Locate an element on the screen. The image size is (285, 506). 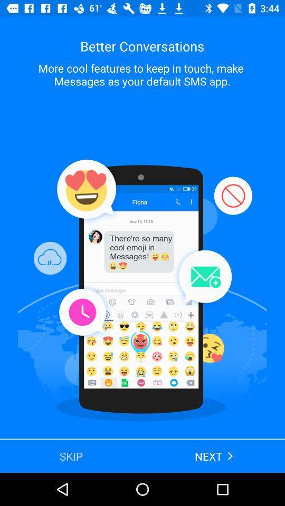
the skip at the bottom left corner is located at coordinates (71, 455).